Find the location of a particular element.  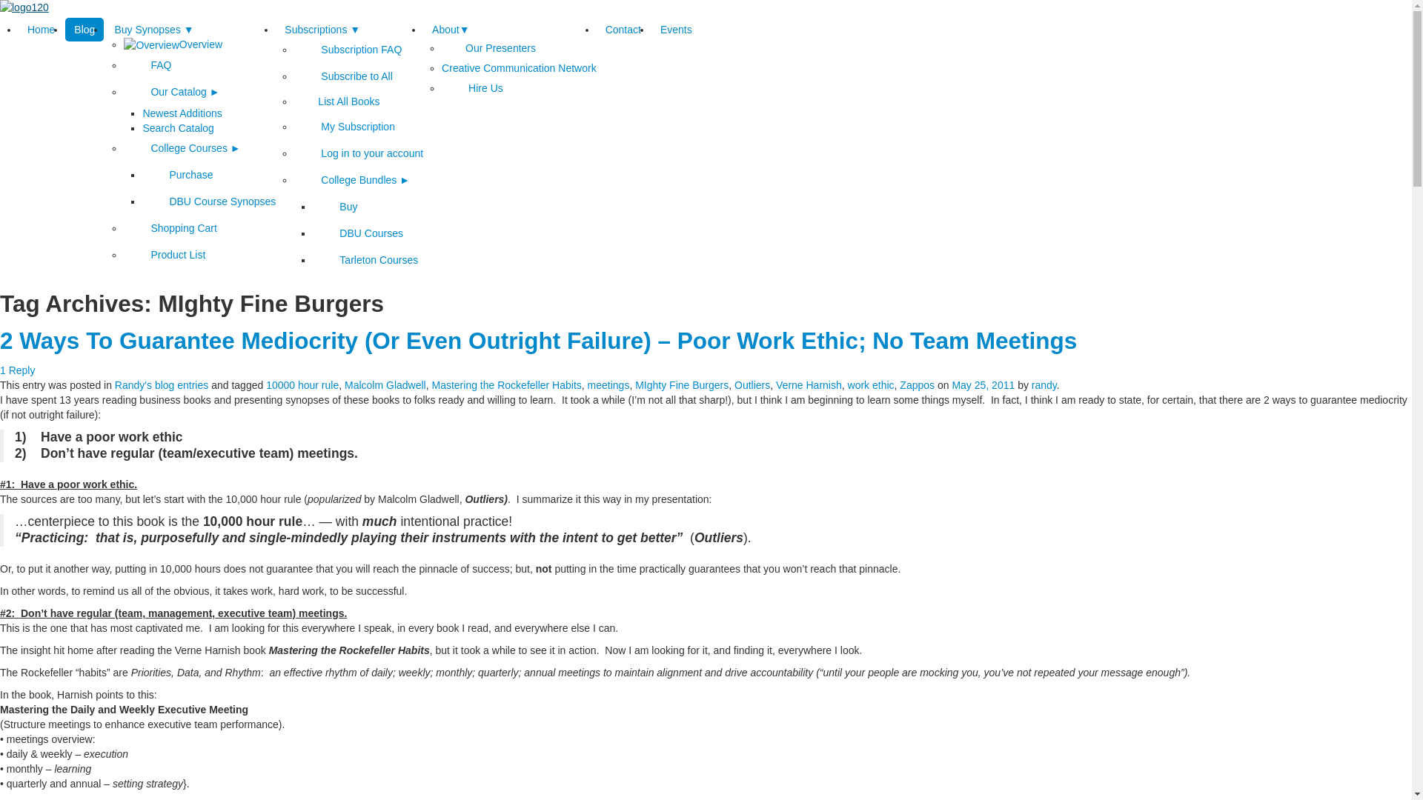

'Search Catalog' is located at coordinates (178, 127).